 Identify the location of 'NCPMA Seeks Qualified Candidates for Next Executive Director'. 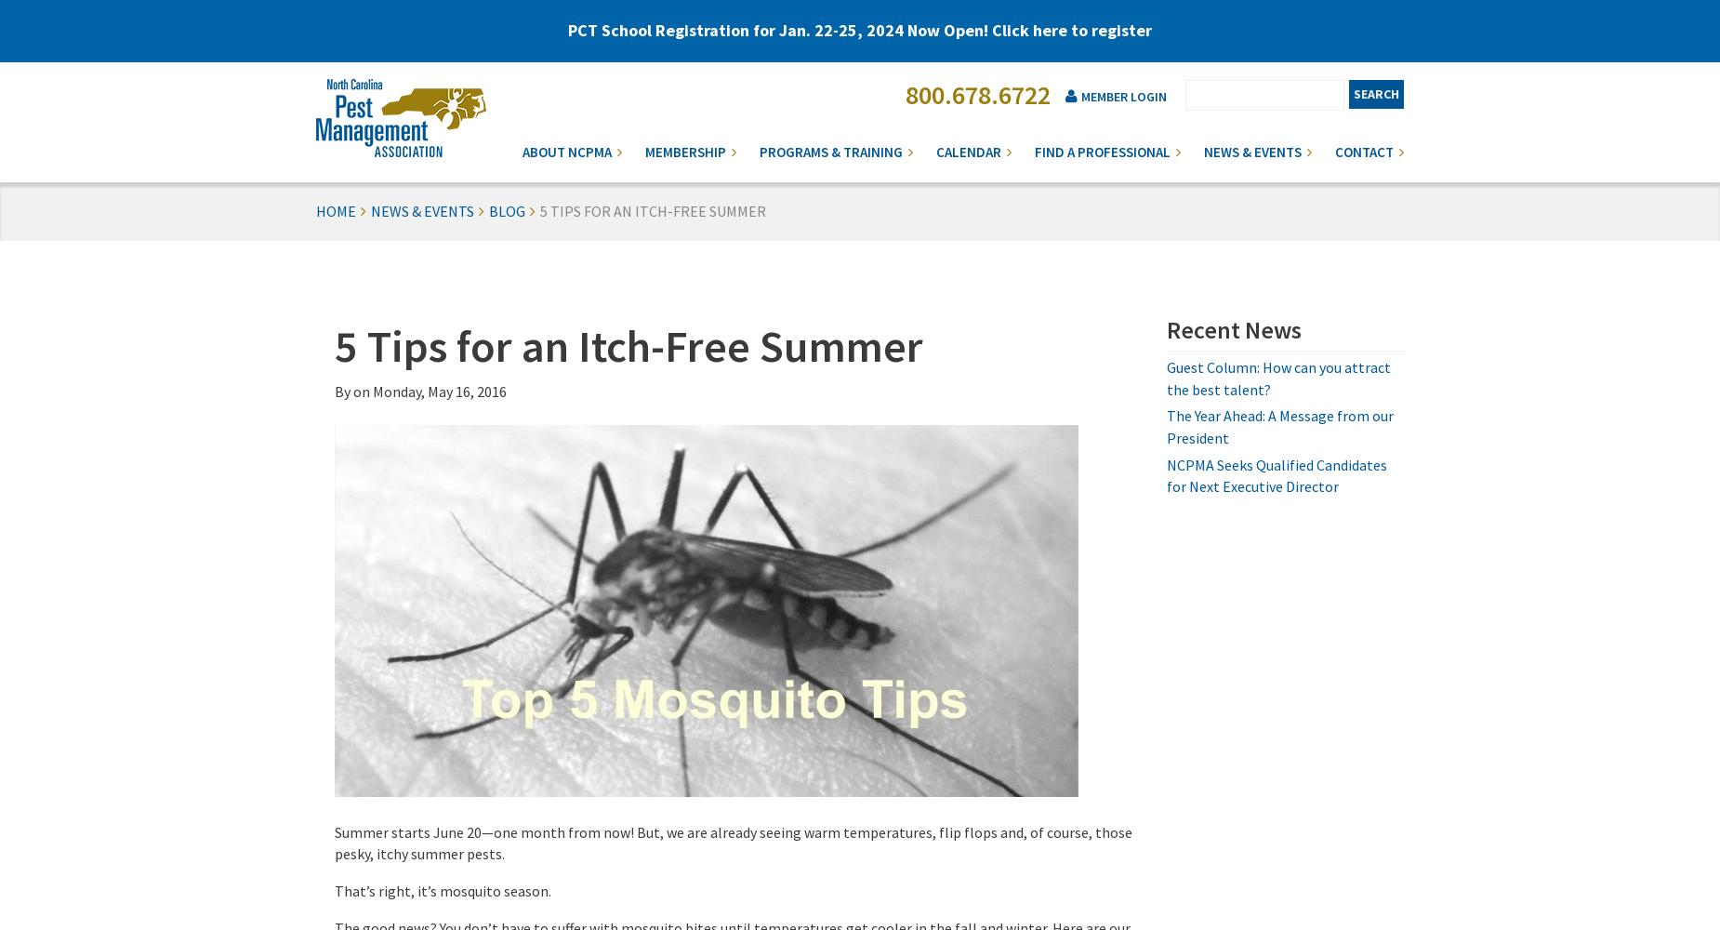
(1276, 475).